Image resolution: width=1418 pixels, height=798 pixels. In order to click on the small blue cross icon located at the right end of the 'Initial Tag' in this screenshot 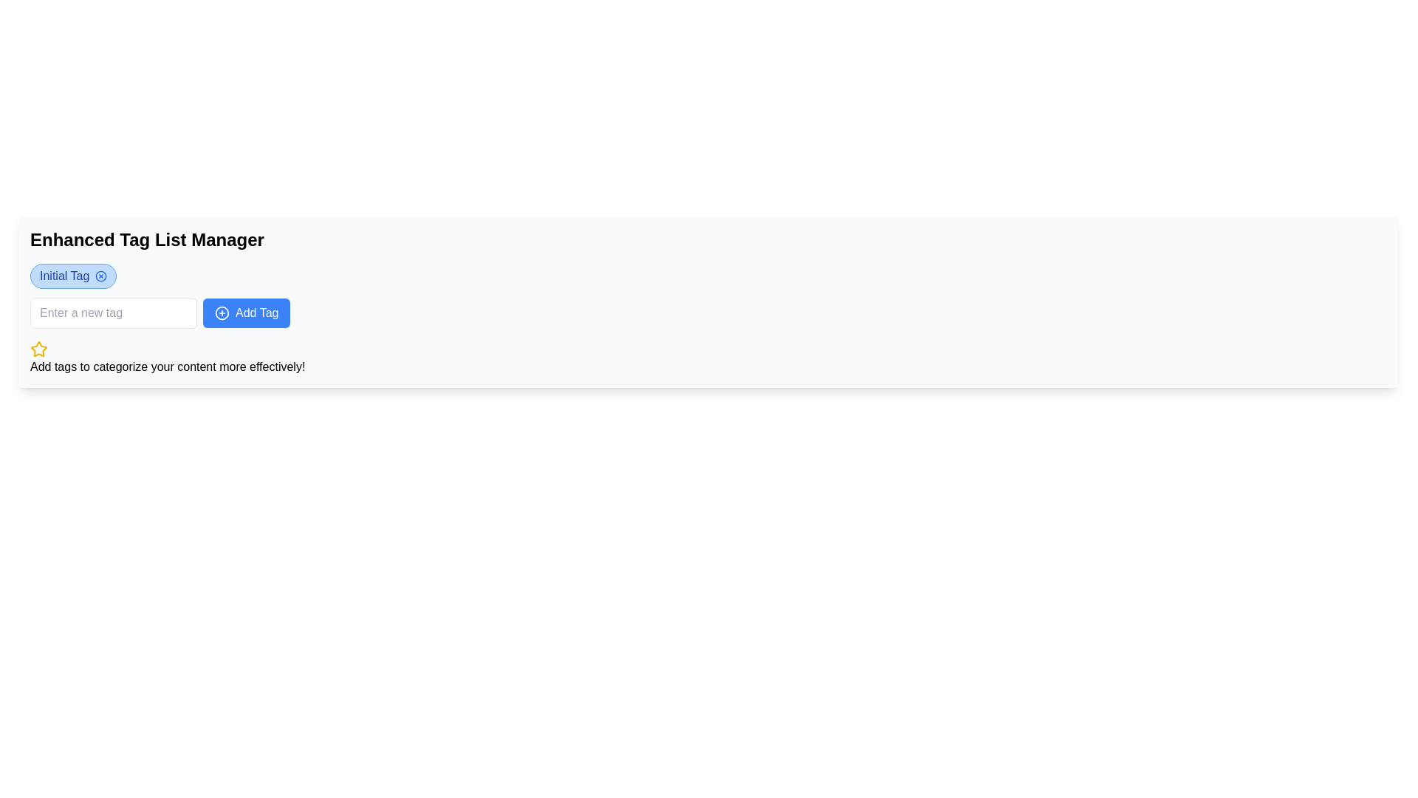, I will do `click(100, 276)`.